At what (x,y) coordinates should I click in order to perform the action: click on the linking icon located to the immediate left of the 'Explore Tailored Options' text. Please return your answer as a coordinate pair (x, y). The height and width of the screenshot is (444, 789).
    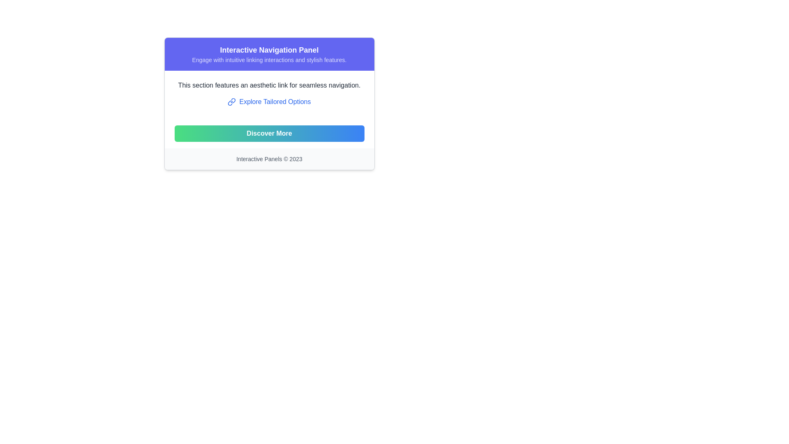
    Looking at the image, I should click on (231, 101).